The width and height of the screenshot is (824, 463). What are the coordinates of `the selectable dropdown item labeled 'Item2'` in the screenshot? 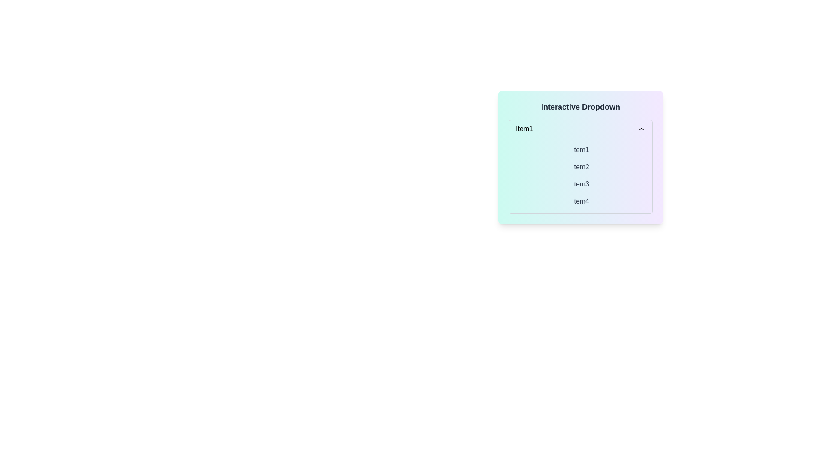 It's located at (581, 167).